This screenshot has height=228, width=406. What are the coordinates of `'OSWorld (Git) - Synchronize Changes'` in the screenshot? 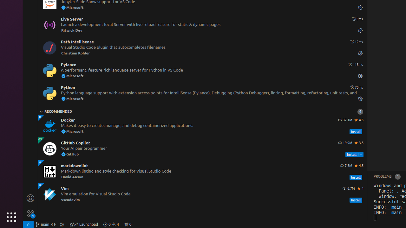 It's located at (53, 224).